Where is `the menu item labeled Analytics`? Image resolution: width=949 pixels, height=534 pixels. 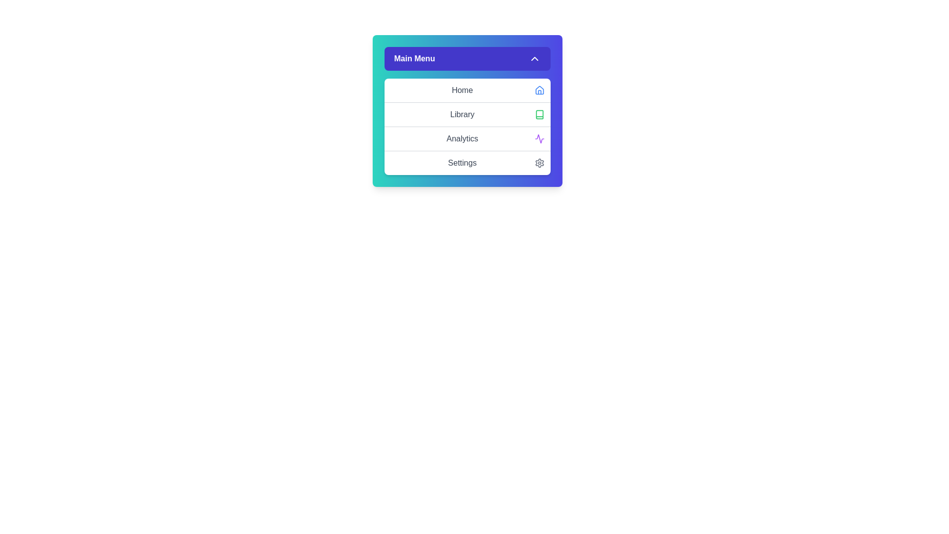 the menu item labeled Analytics is located at coordinates (467, 138).